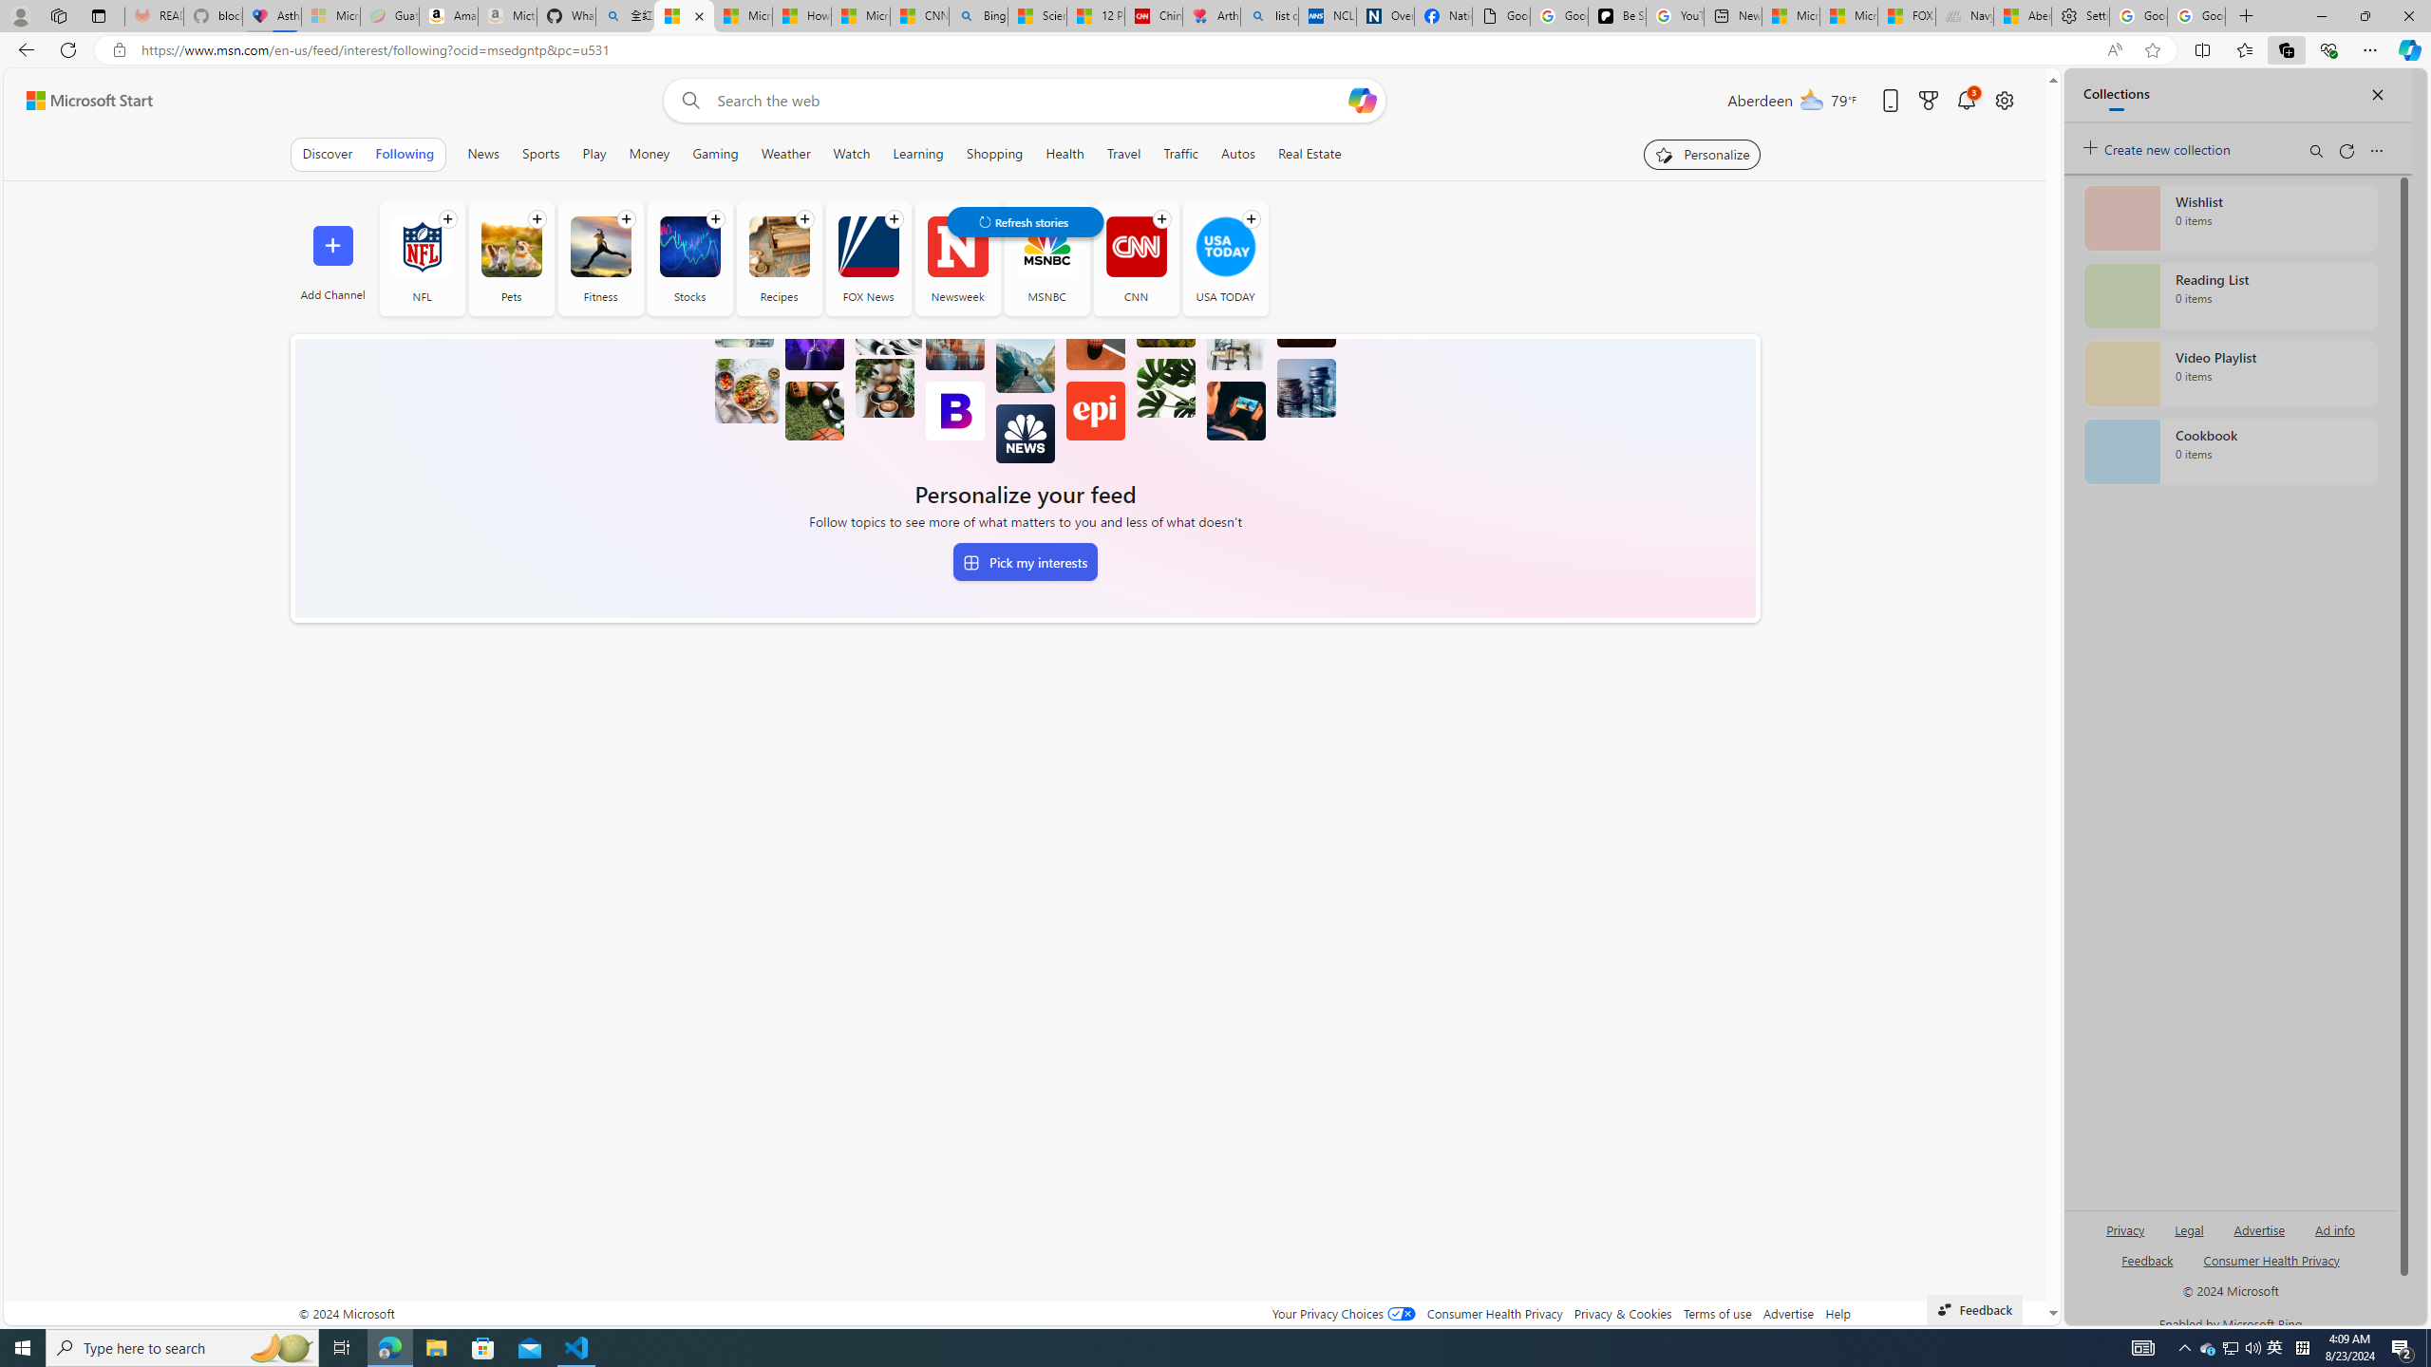  I want to click on 'Shopping', so click(994, 153).